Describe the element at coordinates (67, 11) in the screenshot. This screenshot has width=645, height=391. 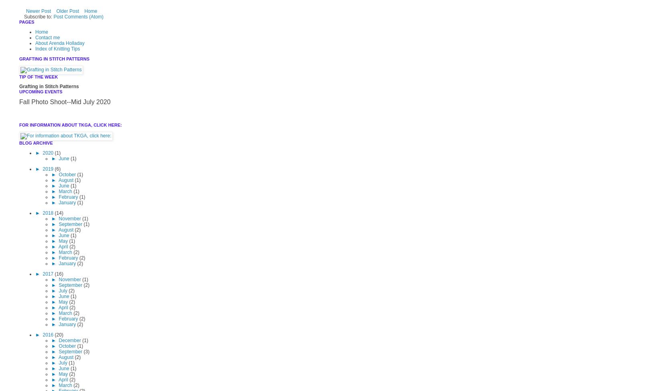
I see `'Older Post'` at that location.